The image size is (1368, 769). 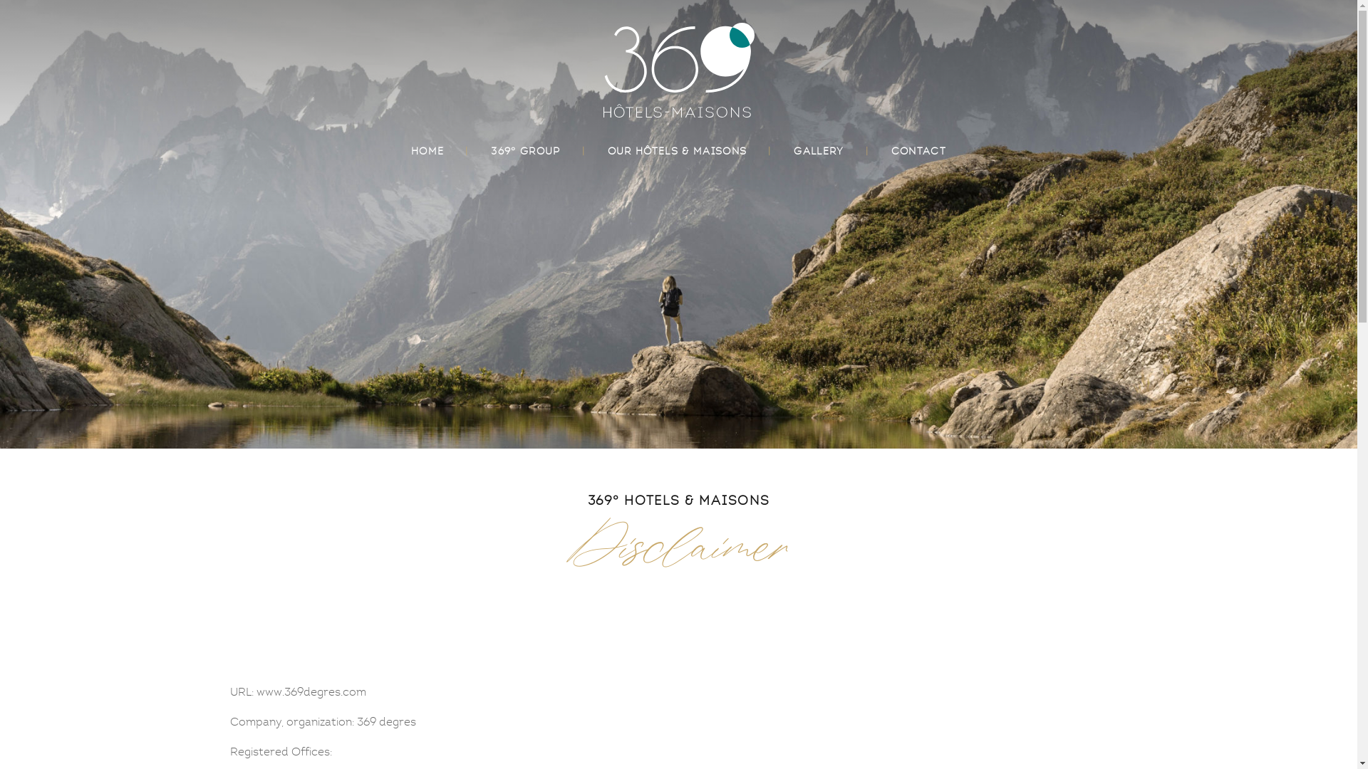 What do you see at coordinates (918, 151) in the screenshot?
I see `'CONTACT'` at bounding box center [918, 151].